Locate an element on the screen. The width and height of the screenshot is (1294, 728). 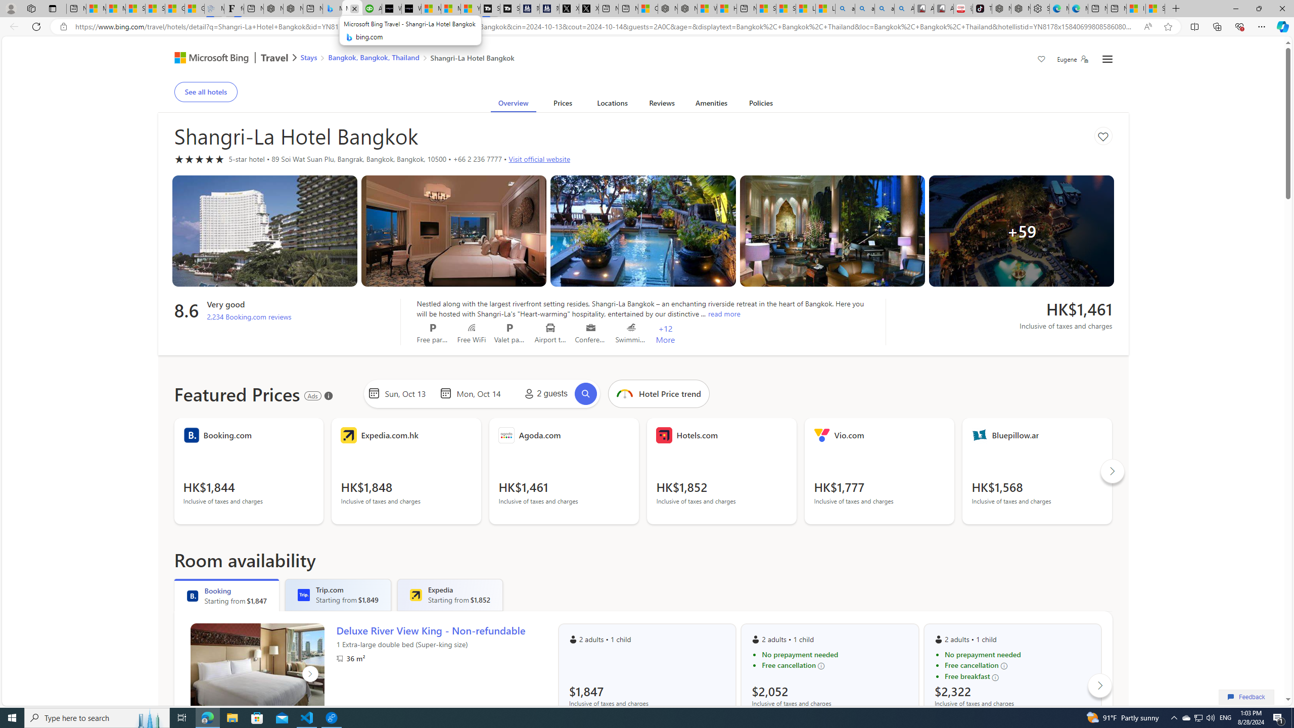
'Copilot (Ctrl+Shift+.)' is located at coordinates (1281, 26).